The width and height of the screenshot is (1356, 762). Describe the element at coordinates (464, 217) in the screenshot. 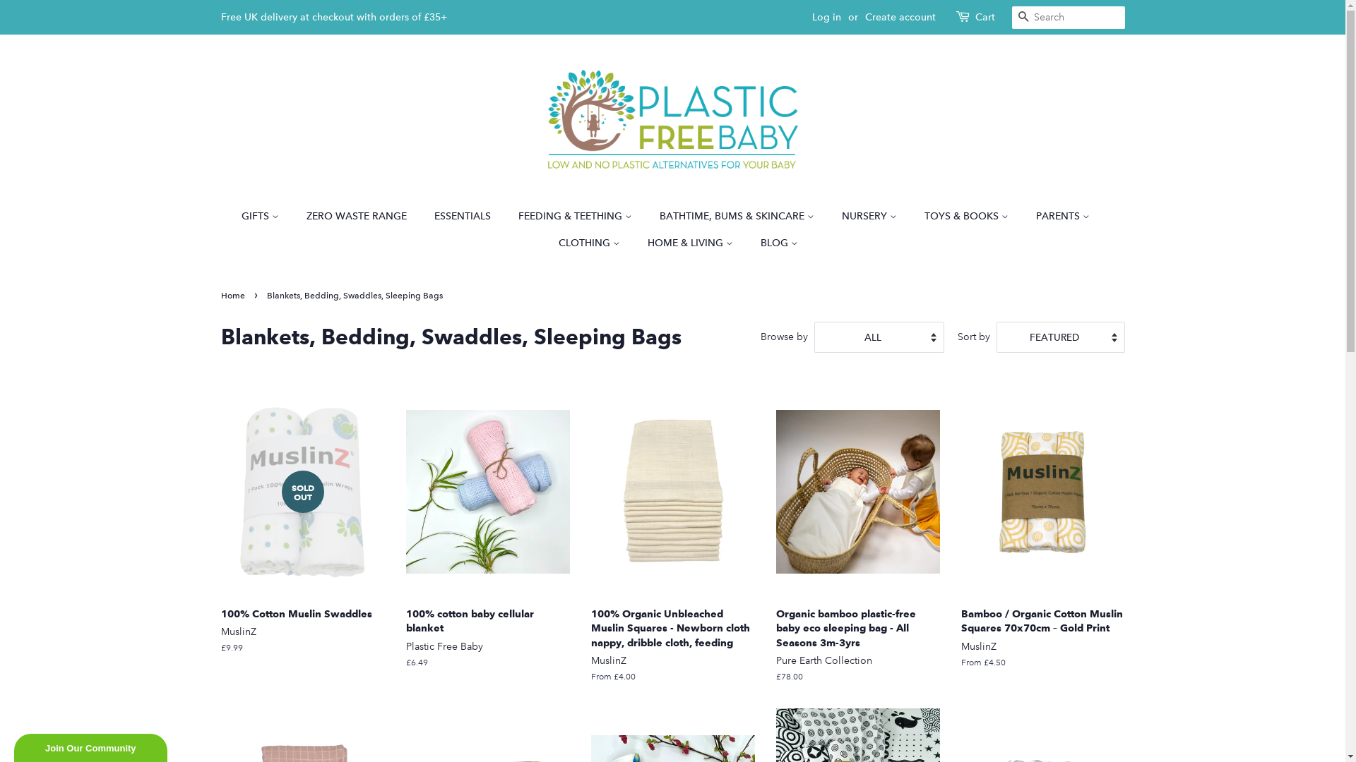

I see `'ESSENTIALS'` at that location.